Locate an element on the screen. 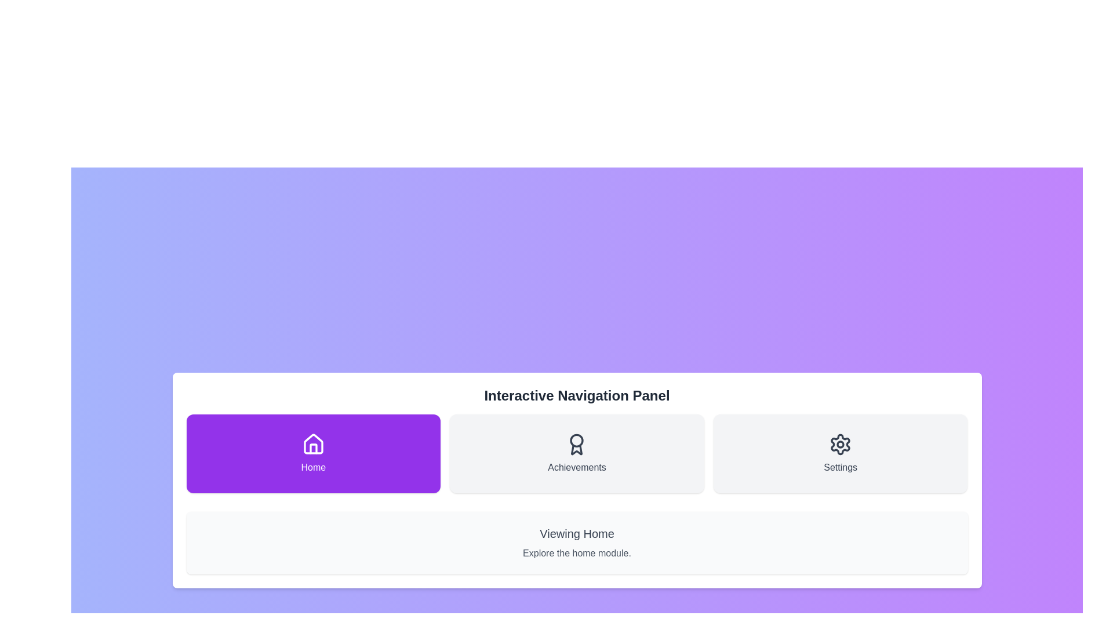 Image resolution: width=1113 pixels, height=626 pixels. the small house-shaped icon representing the door section within the larger house icon on the purple background in the 'Home' tab is located at coordinates (313, 448).